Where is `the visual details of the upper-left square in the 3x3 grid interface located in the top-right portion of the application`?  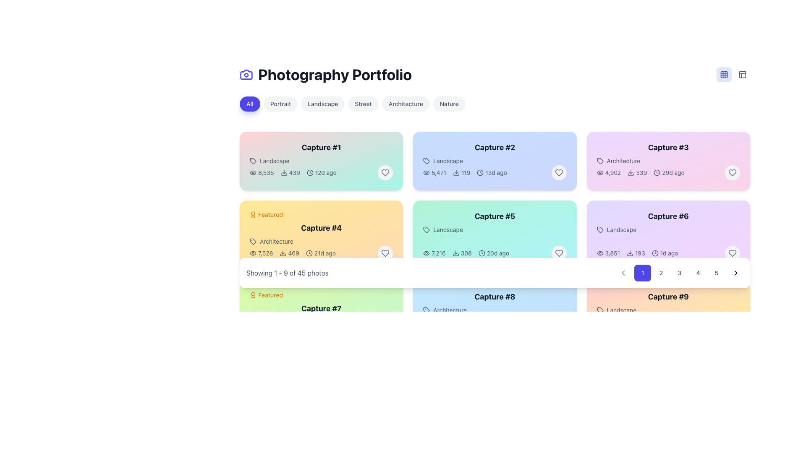
the visual details of the upper-left square in the 3x3 grid interface located in the top-right portion of the application is located at coordinates (723, 74).